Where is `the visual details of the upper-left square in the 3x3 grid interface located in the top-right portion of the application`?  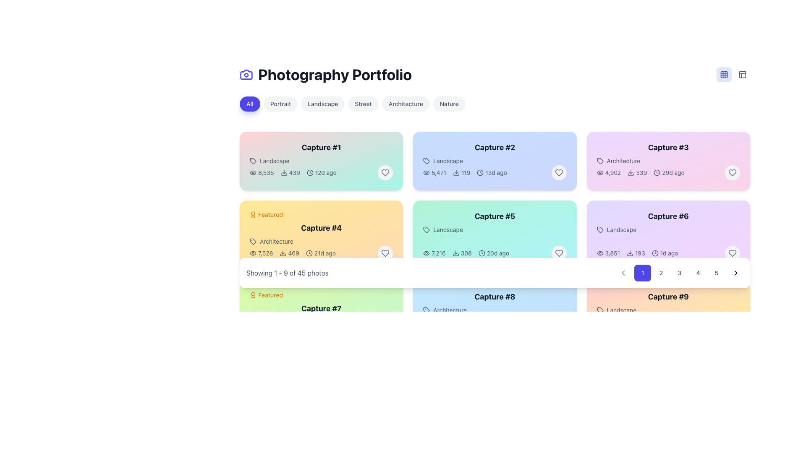
the visual details of the upper-left square in the 3x3 grid interface located in the top-right portion of the application is located at coordinates (723, 74).